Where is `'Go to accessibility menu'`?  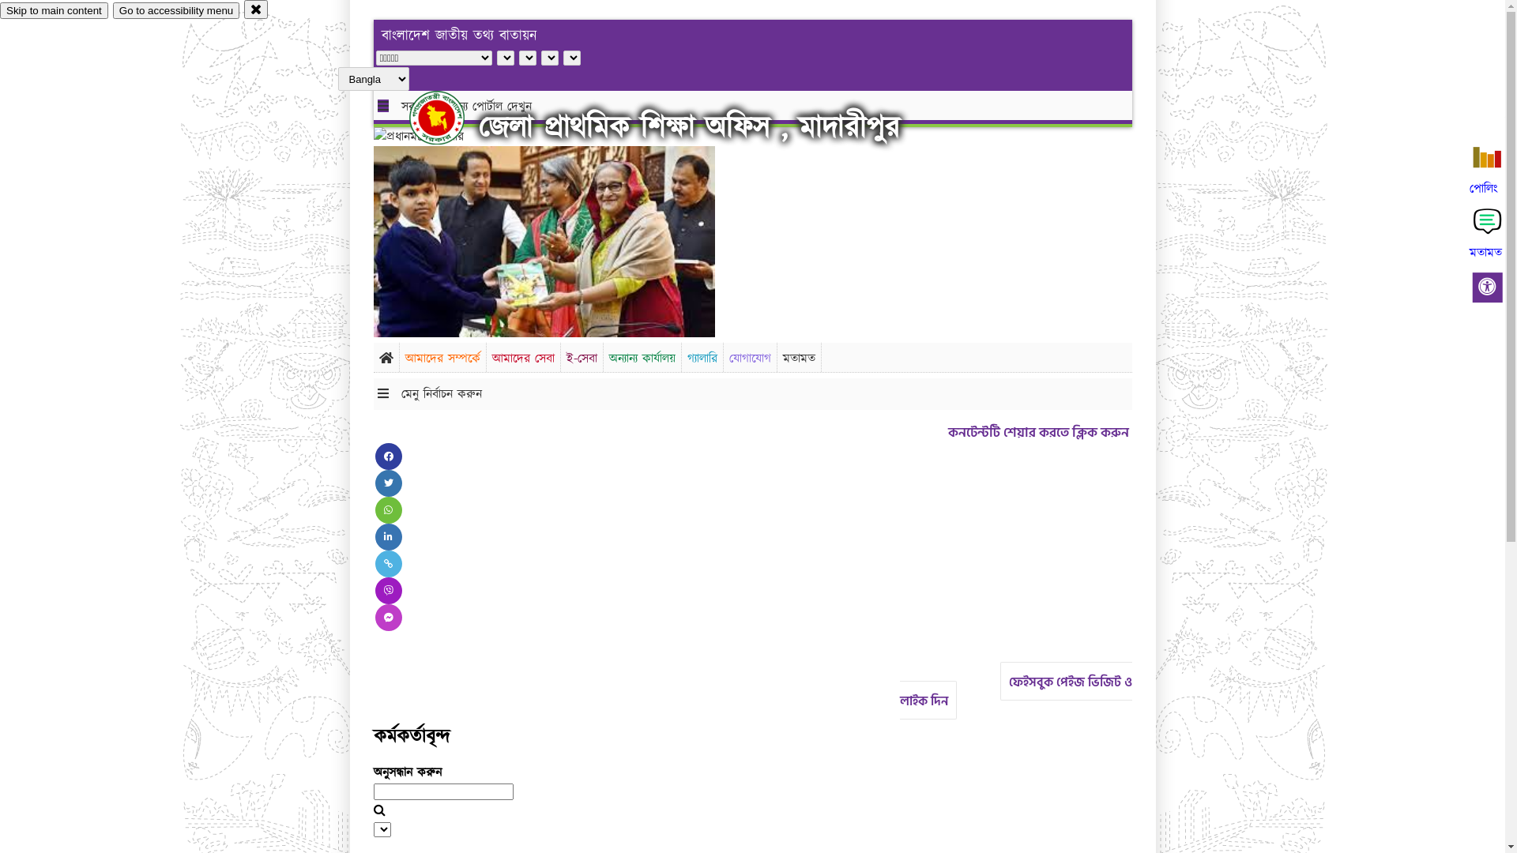
'Go to accessibility menu' is located at coordinates (175, 10).